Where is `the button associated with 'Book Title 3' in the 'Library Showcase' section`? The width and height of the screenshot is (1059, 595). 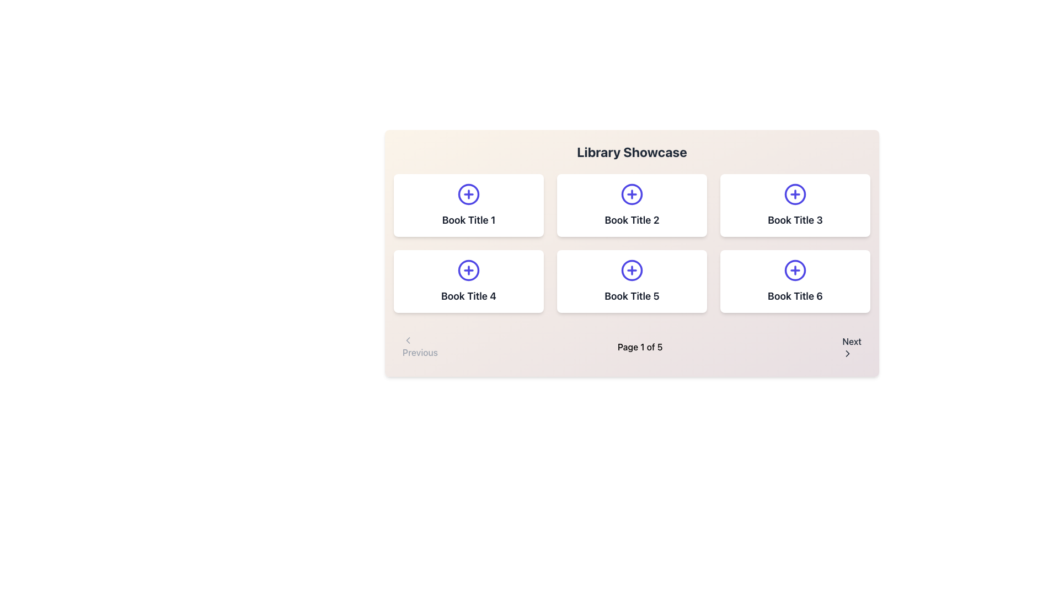
the button associated with 'Book Title 3' in the 'Library Showcase' section is located at coordinates (795, 194).